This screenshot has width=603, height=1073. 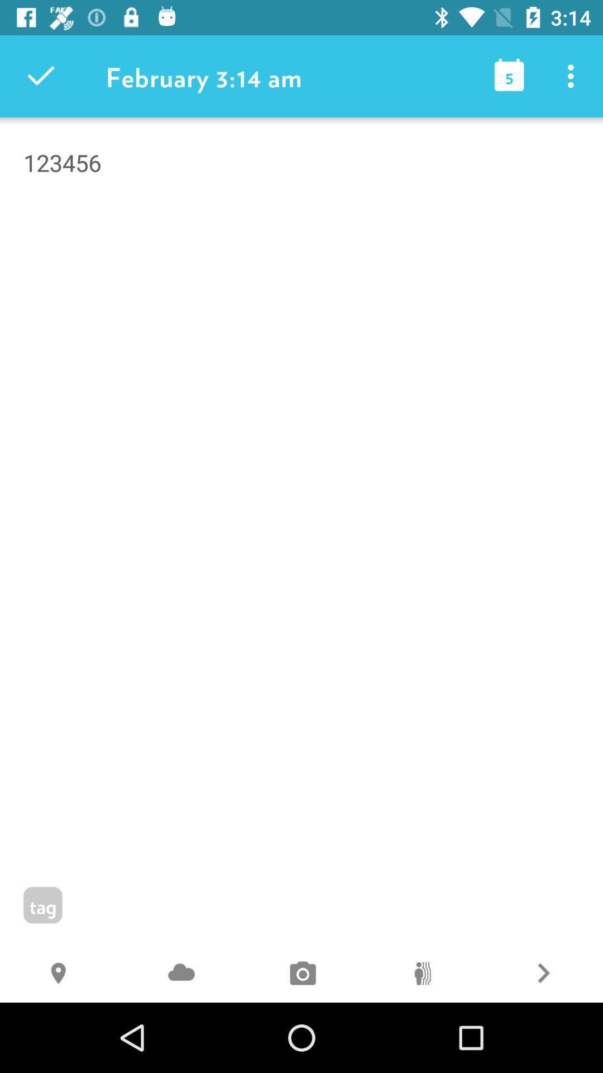 What do you see at coordinates (542, 974) in the screenshot?
I see `item below the 123456 icon` at bounding box center [542, 974].